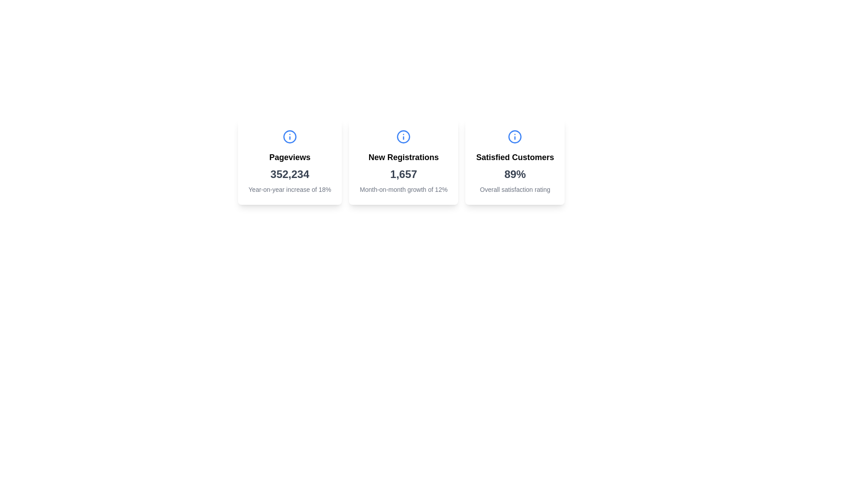 This screenshot has height=483, width=859. I want to click on the informative icon located at the top center of the second card representing 'New Registrations', so click(403, 136).